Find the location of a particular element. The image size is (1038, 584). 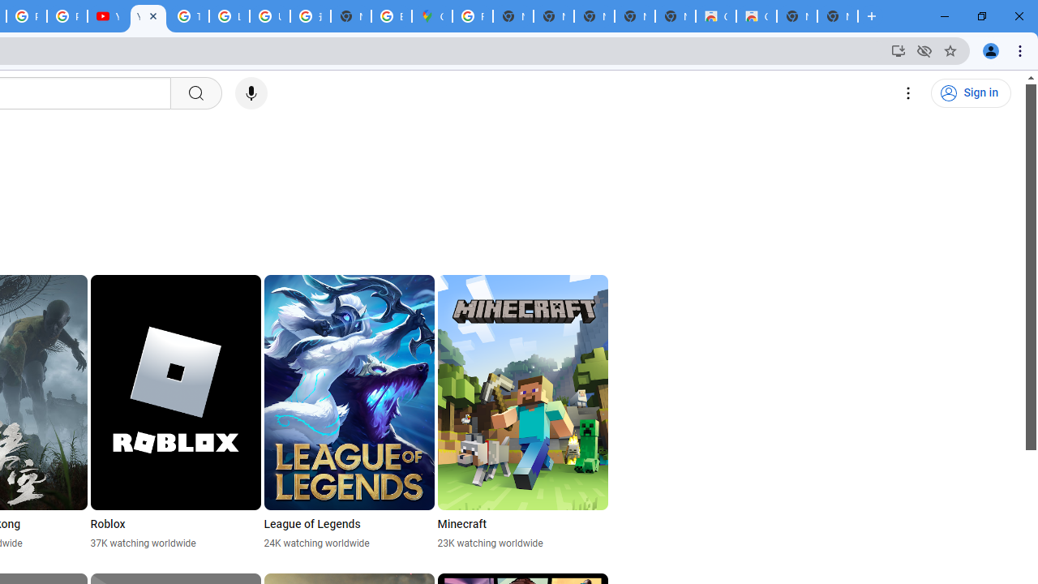

'Tips & tricks for Chrome - Google Chrome Help' is located at coordinates (188, 16).